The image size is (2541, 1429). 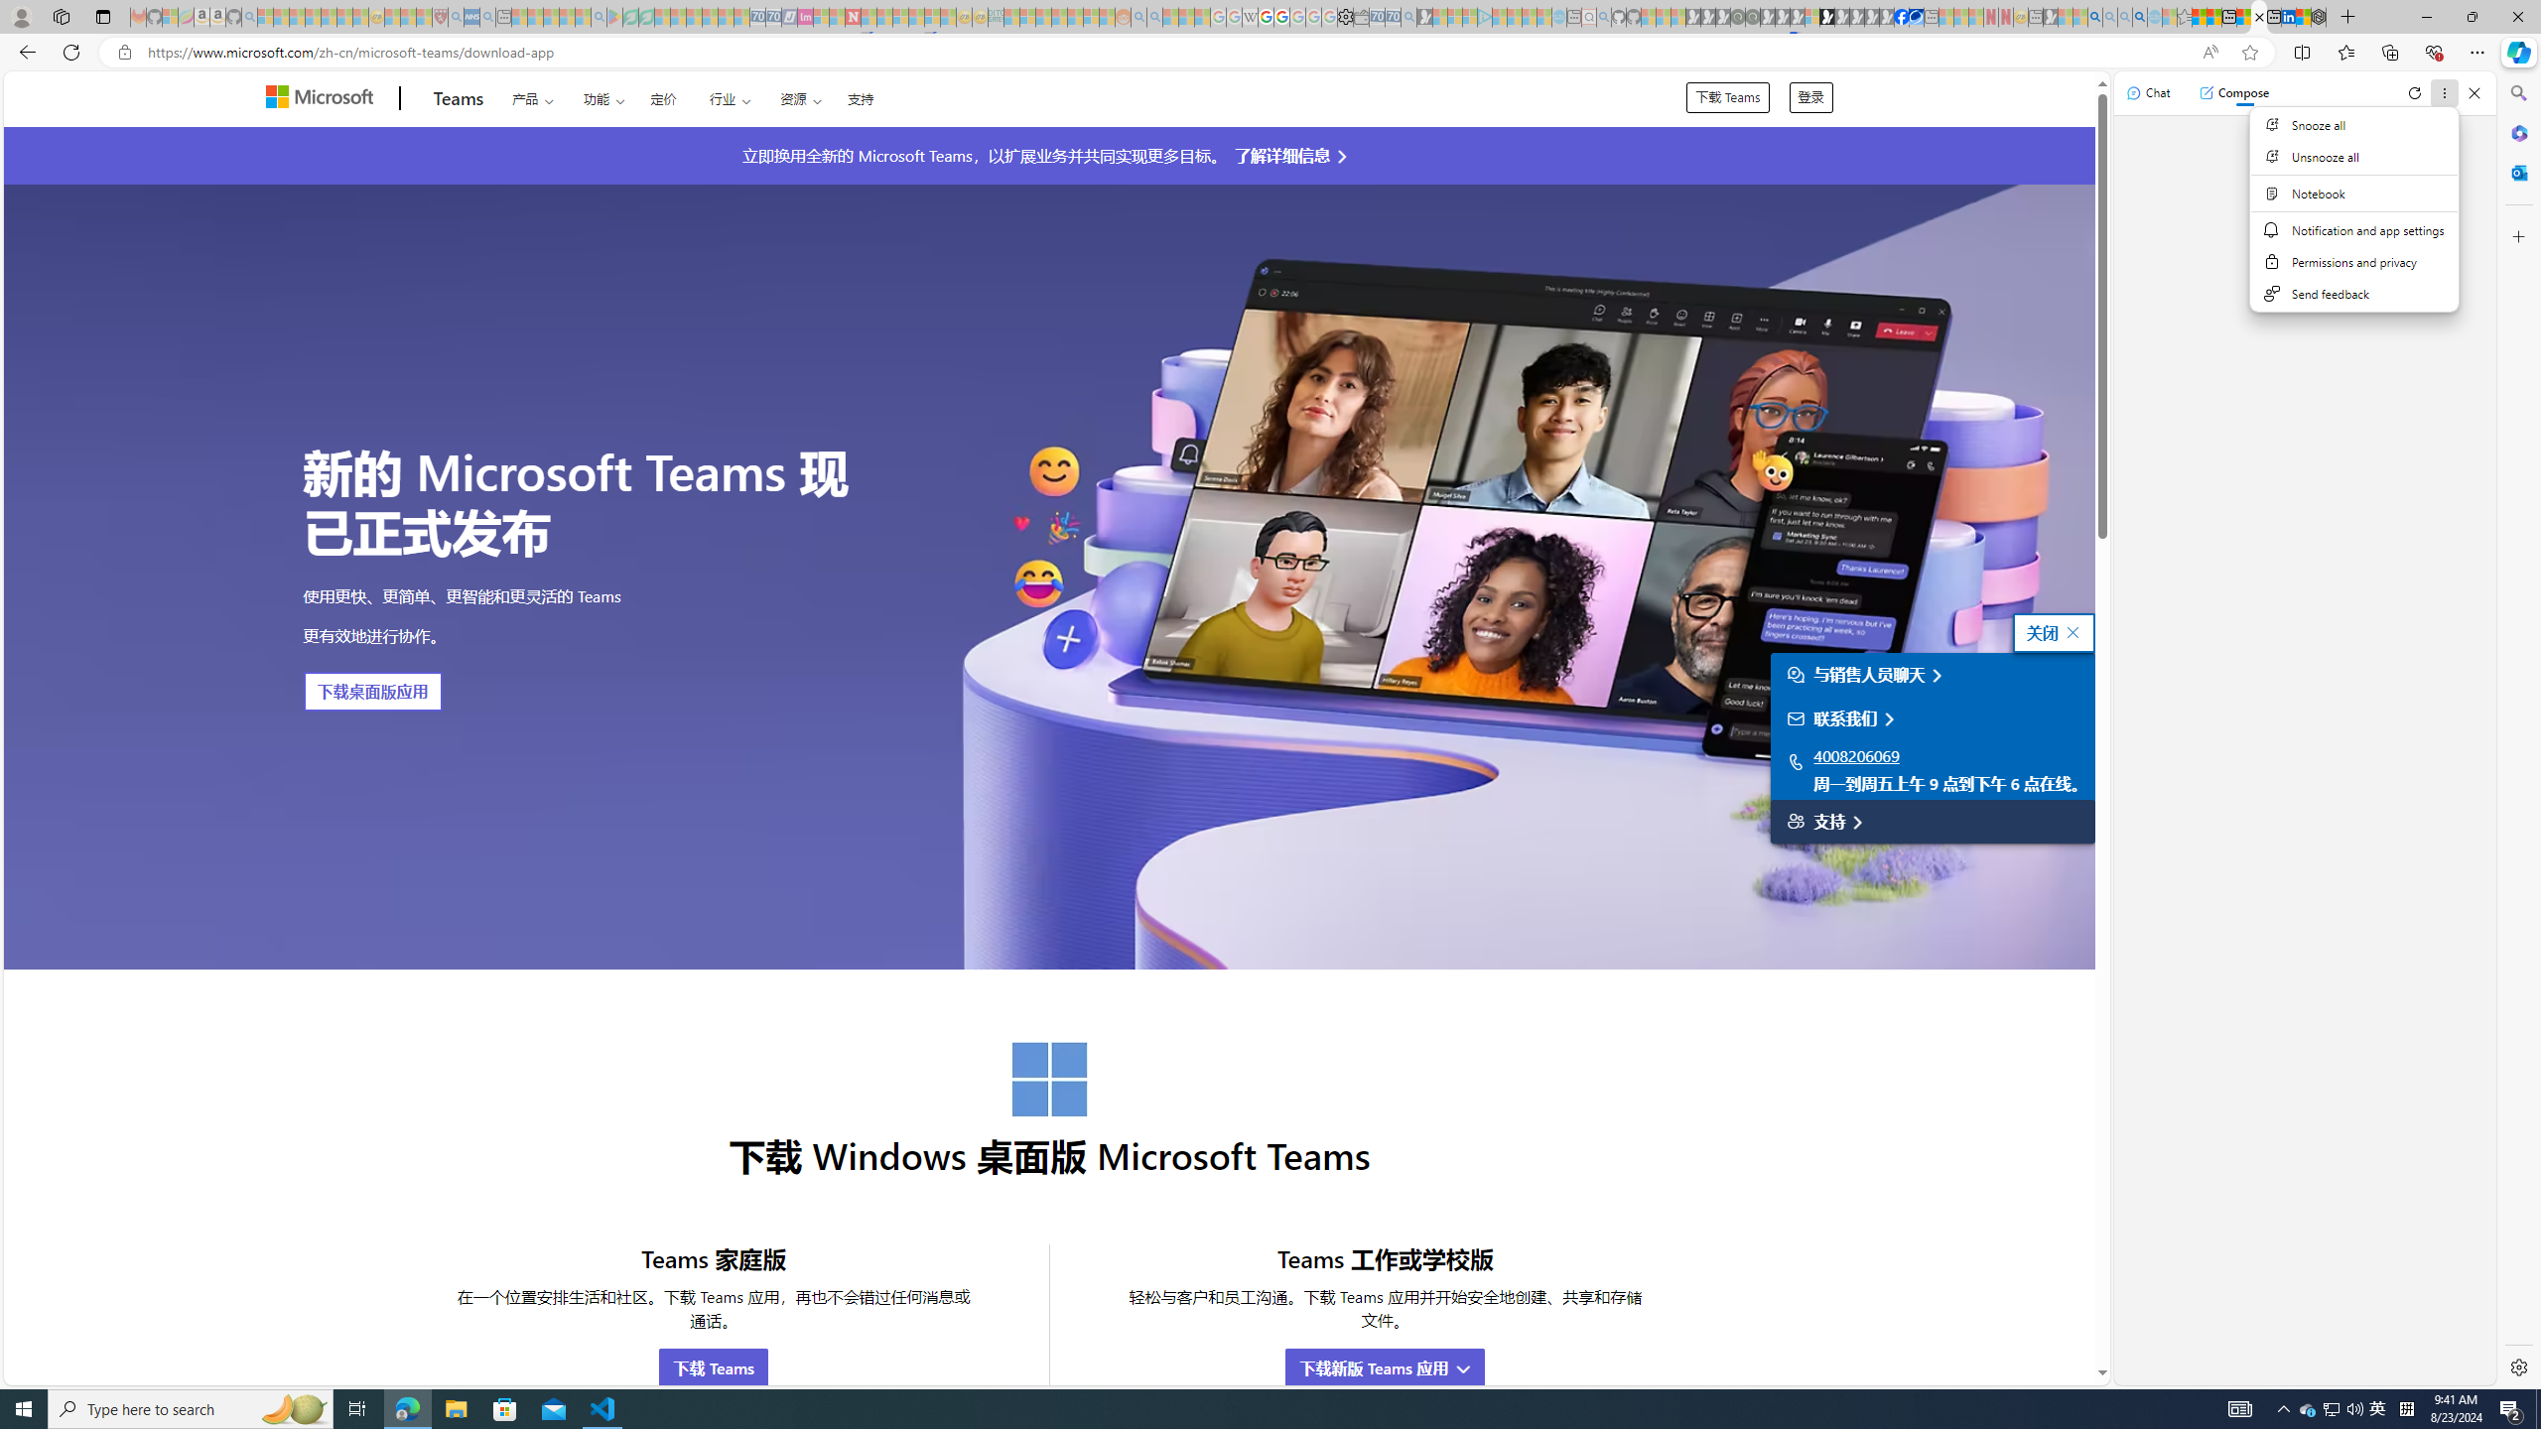 I want to click on 'The Weather Channel - MSN - Sleeping', so click(x=296, y=16).